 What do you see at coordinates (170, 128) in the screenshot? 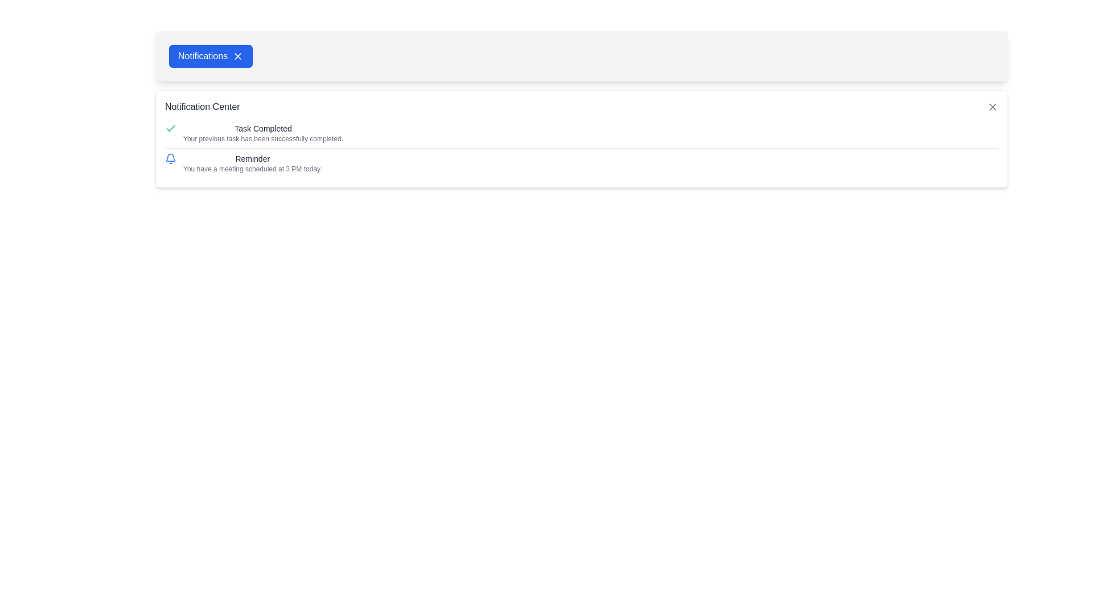
I see `the green checkmark icon located to the left of the text 'Task Completed' within the notification card` at bounding box center [170, 128].